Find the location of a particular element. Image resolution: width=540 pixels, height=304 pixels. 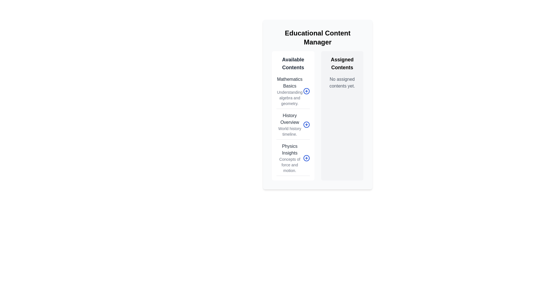

the 'Mathematics Basics' text label located at the top of the 'Available Contents' section in the Educational Content Manager interface is located at coordinates (290, 82).